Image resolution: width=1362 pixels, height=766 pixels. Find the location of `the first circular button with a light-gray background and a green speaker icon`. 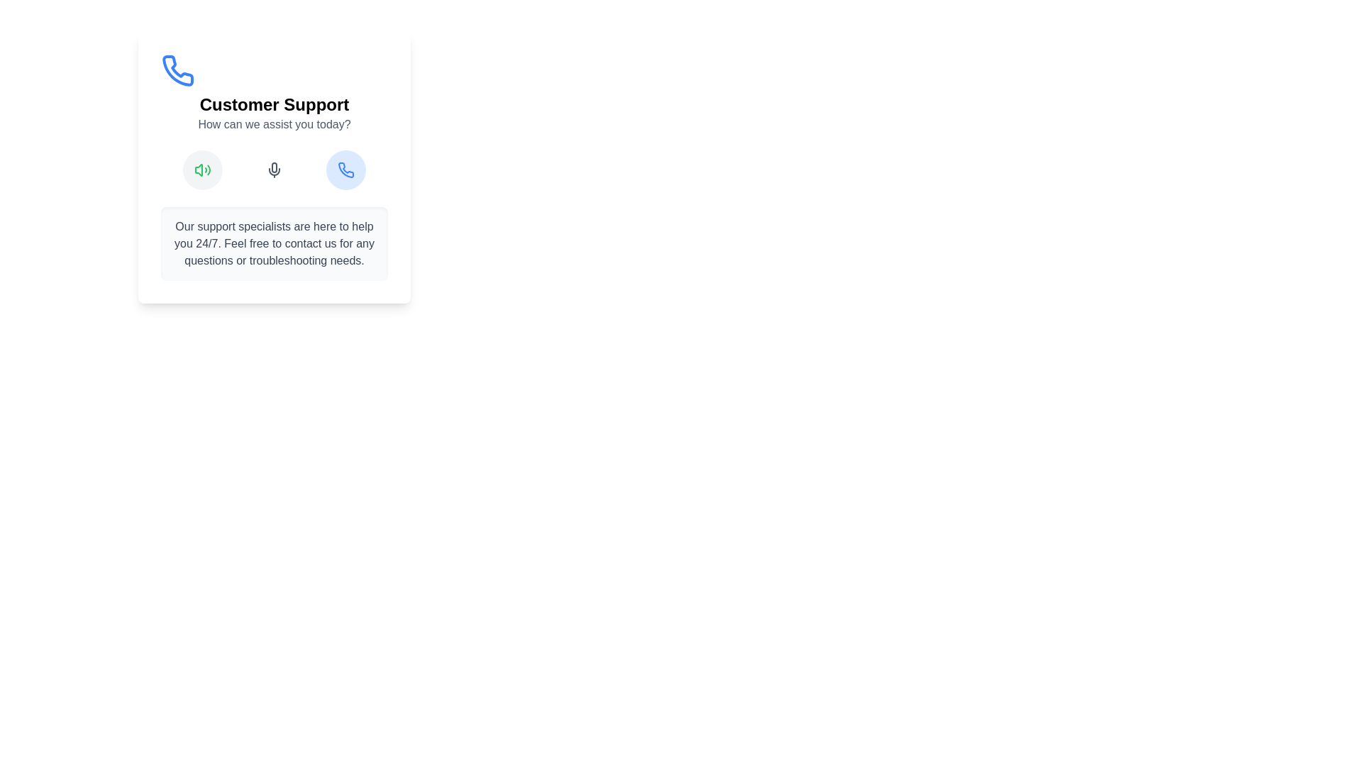

the first circular button with a light-gray background and a green speaker icon is located at coordinates (201, 169).